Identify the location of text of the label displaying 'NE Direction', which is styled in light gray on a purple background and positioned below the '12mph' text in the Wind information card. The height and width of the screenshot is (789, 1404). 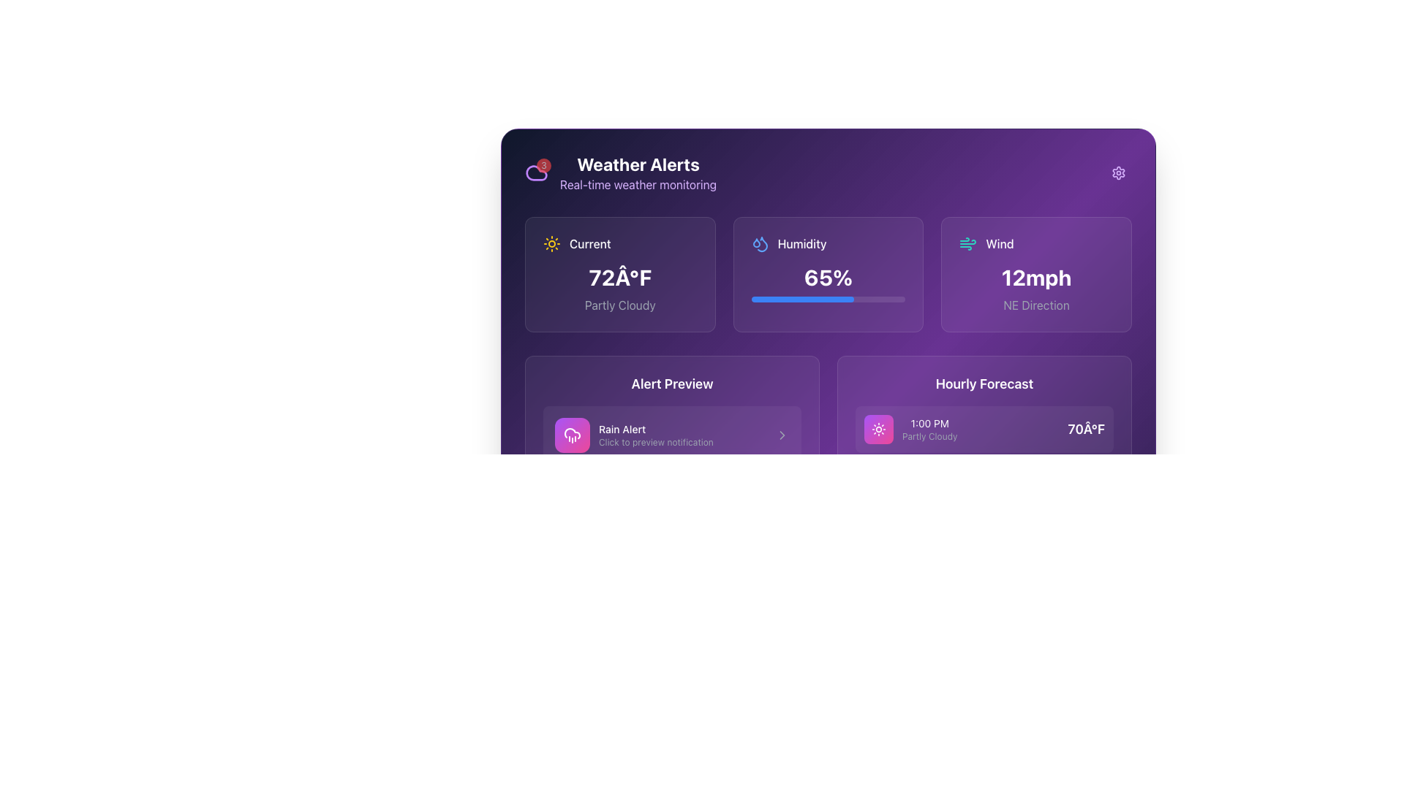
(1035, 304).